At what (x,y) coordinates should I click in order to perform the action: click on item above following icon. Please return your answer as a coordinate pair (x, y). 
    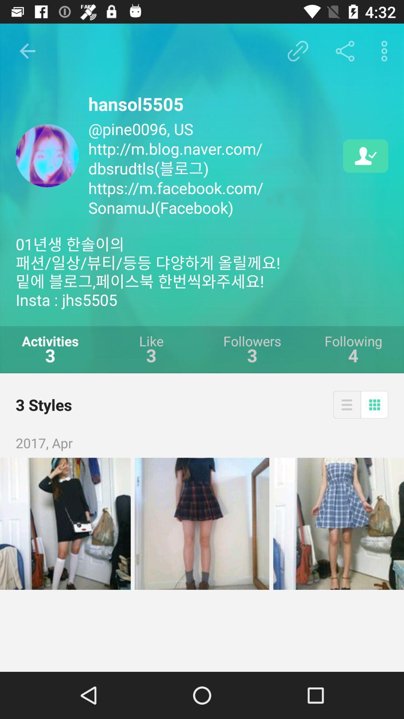
    Looking at the image, I should click on (365, 155).